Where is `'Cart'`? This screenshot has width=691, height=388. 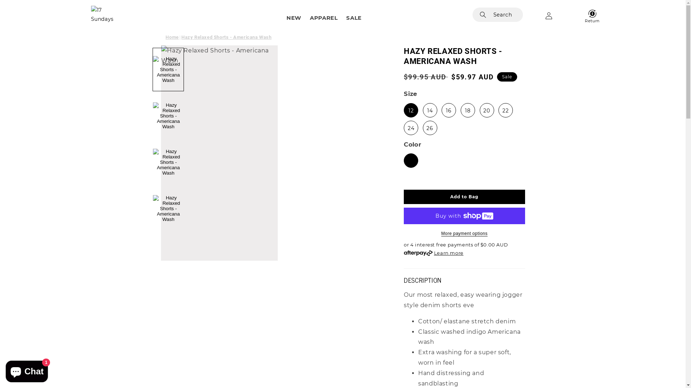 'Cart' is located at coordinates (570, 15).